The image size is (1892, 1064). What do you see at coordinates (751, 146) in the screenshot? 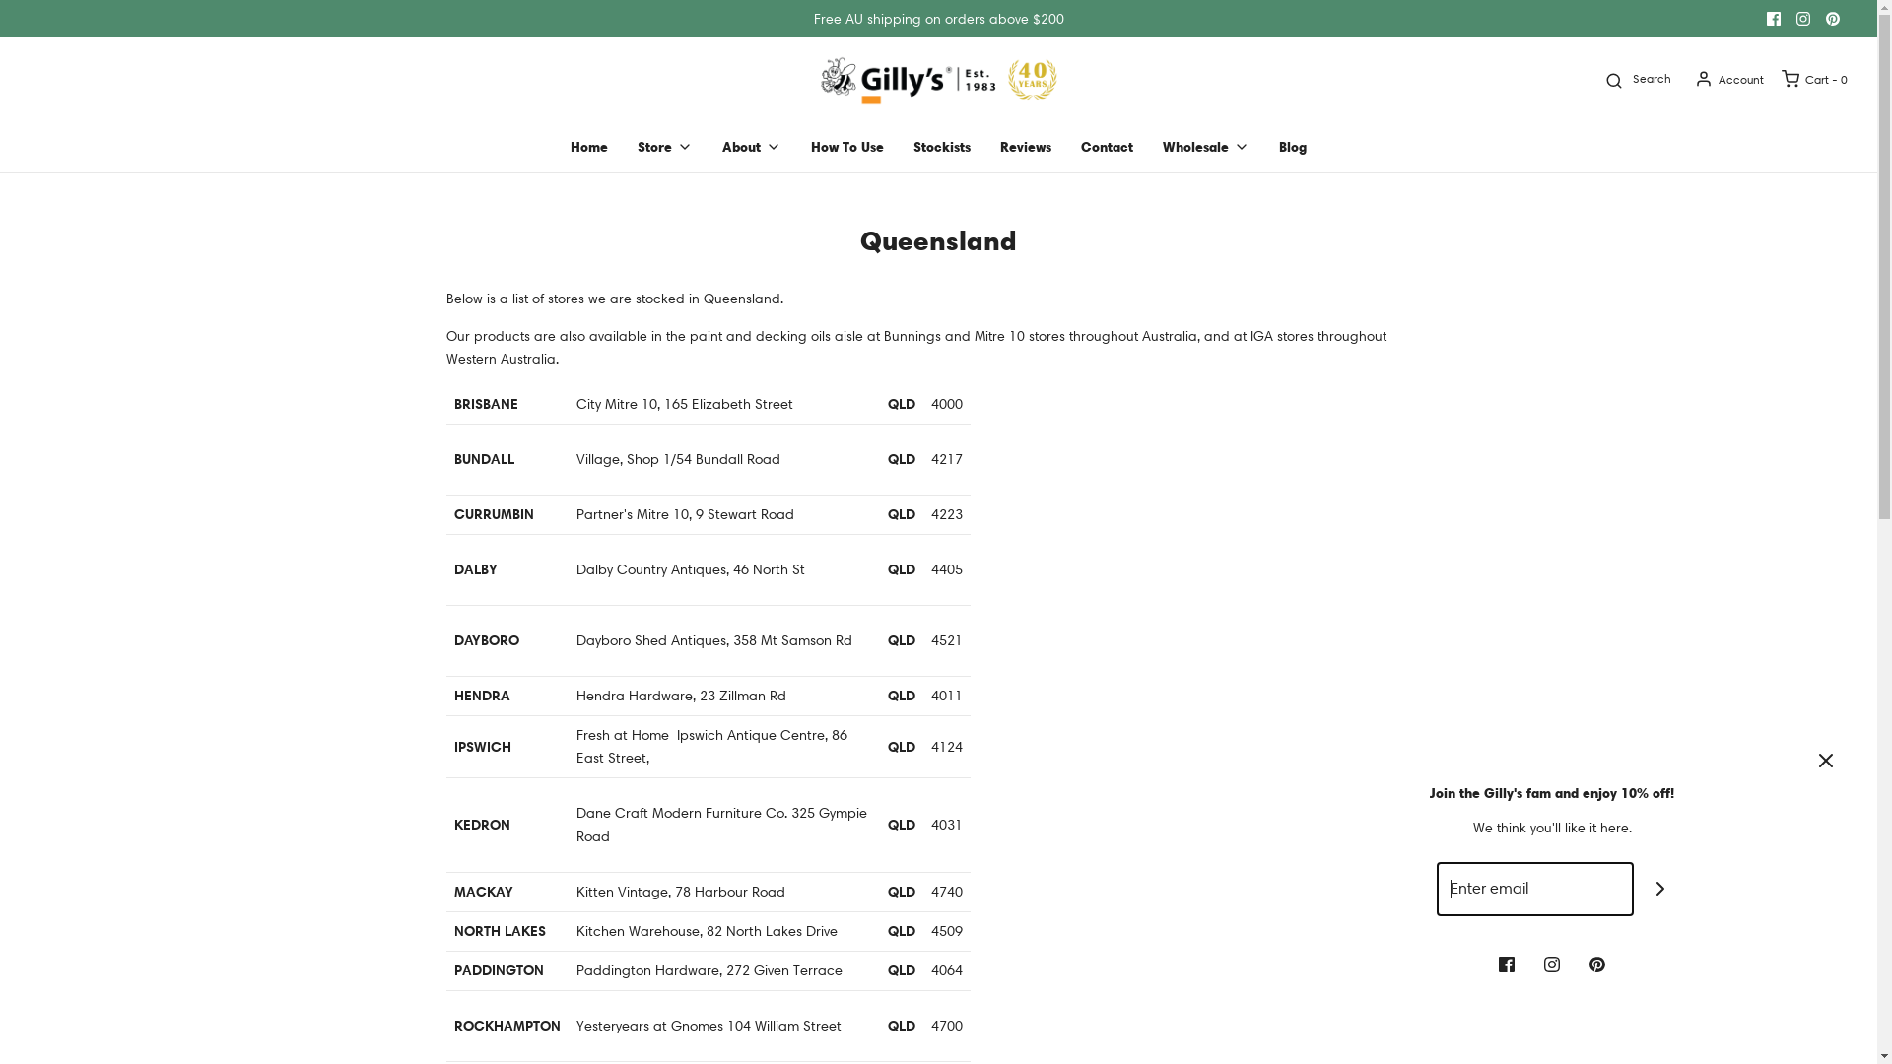
I see `'About'` at bounding box center [751, 146].